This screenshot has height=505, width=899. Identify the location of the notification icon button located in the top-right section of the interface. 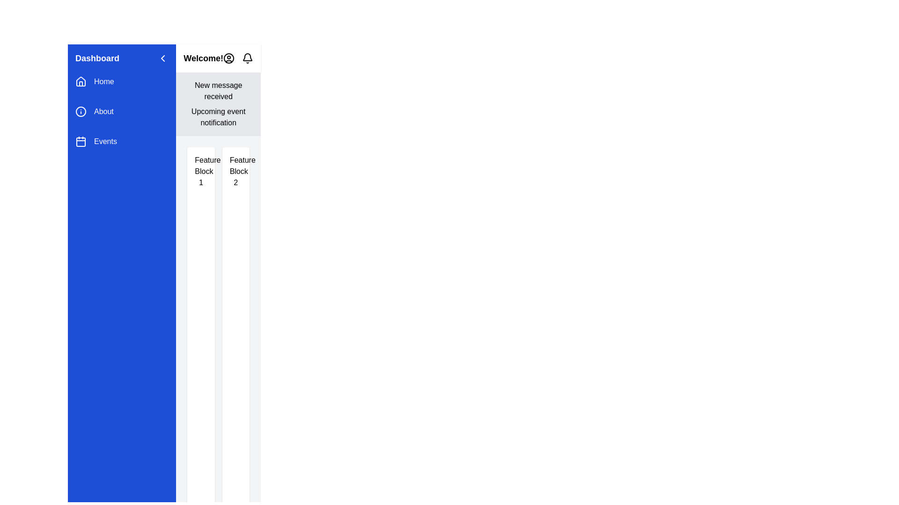
(247, 58).